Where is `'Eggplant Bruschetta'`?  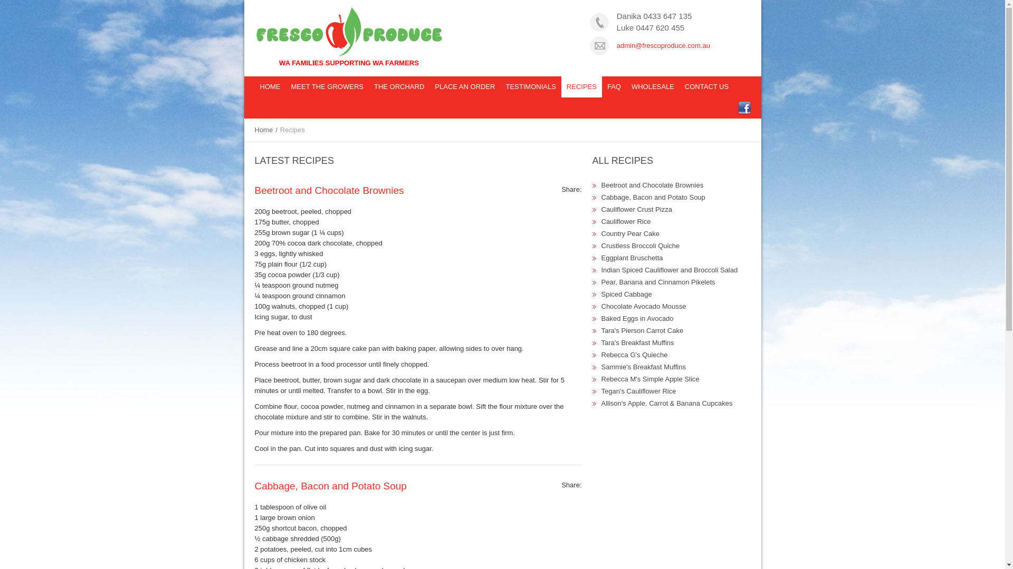
'Eggplant Bruschetta' is located at coordinates (601, 258).